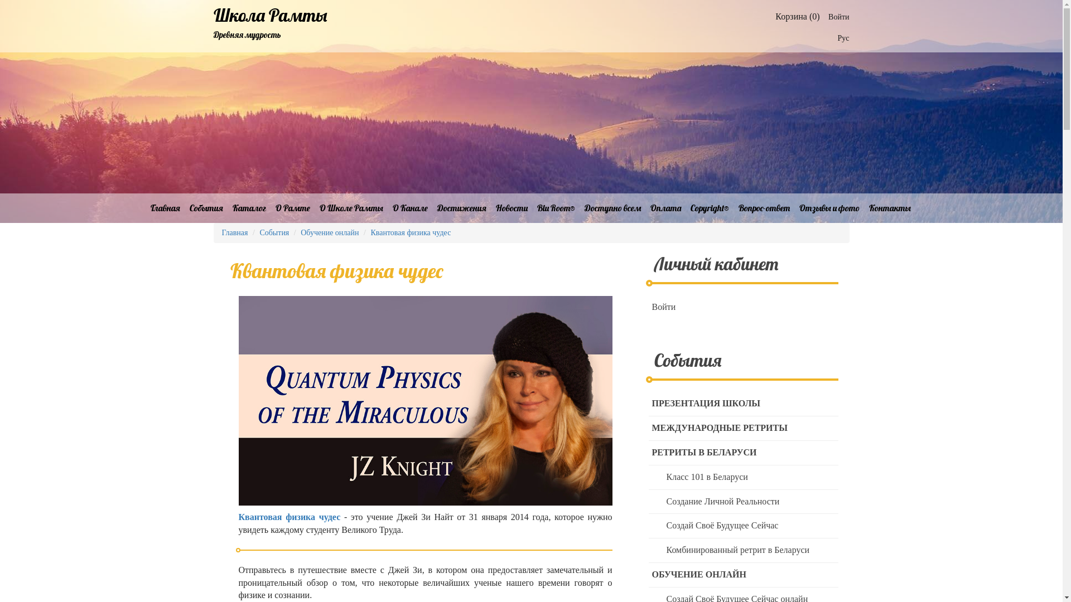  I want to click on 'Skip to content', so click(0, 0).